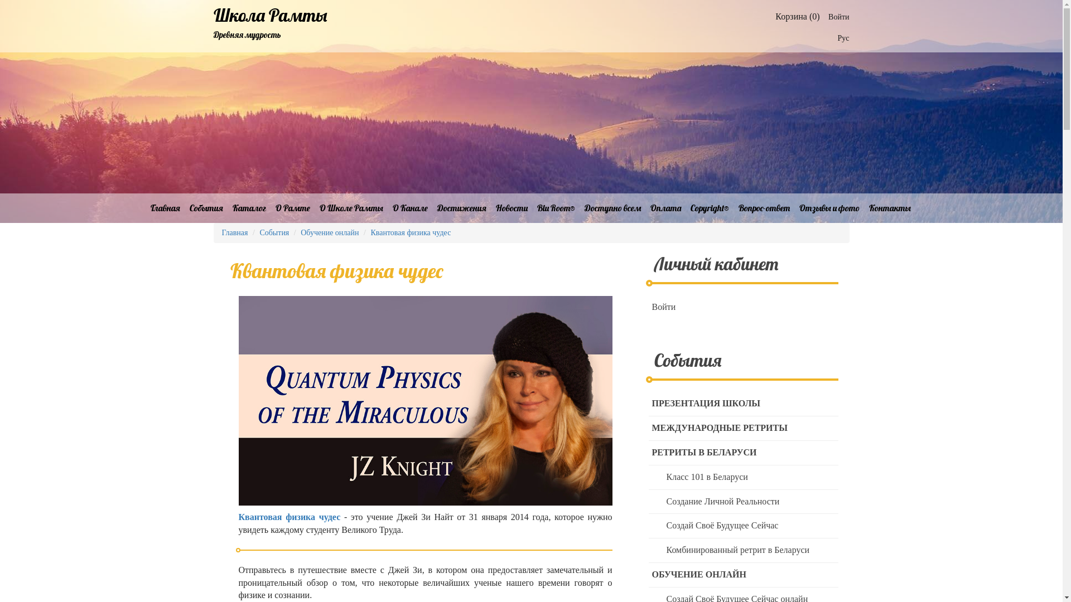  I want to click on 'Skip to content', so click(0, 0).